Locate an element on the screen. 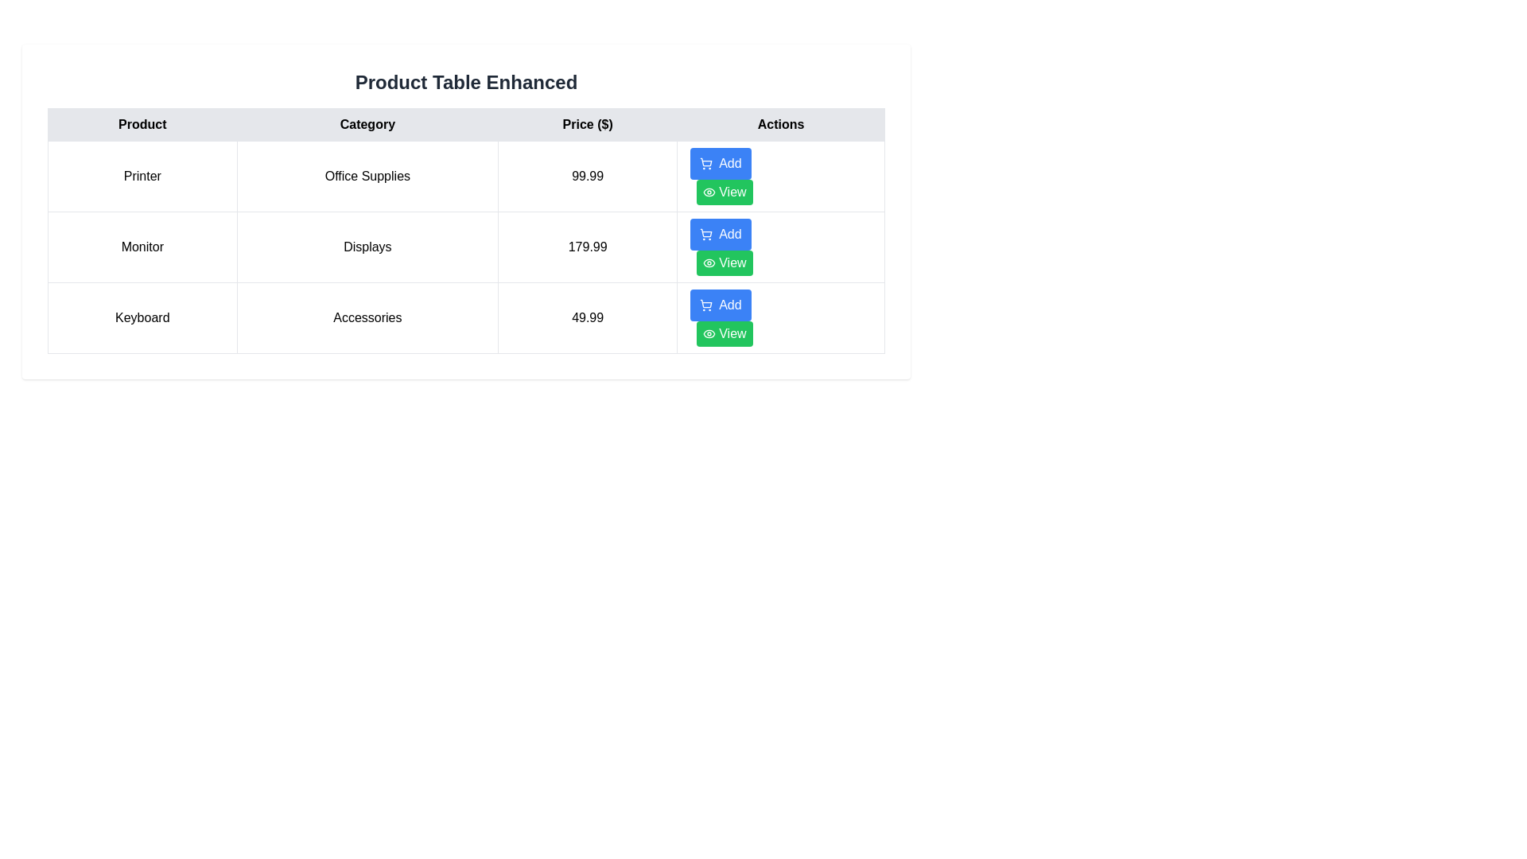  the 'View' button with the SVG icon is located at coordinates (709, 192).